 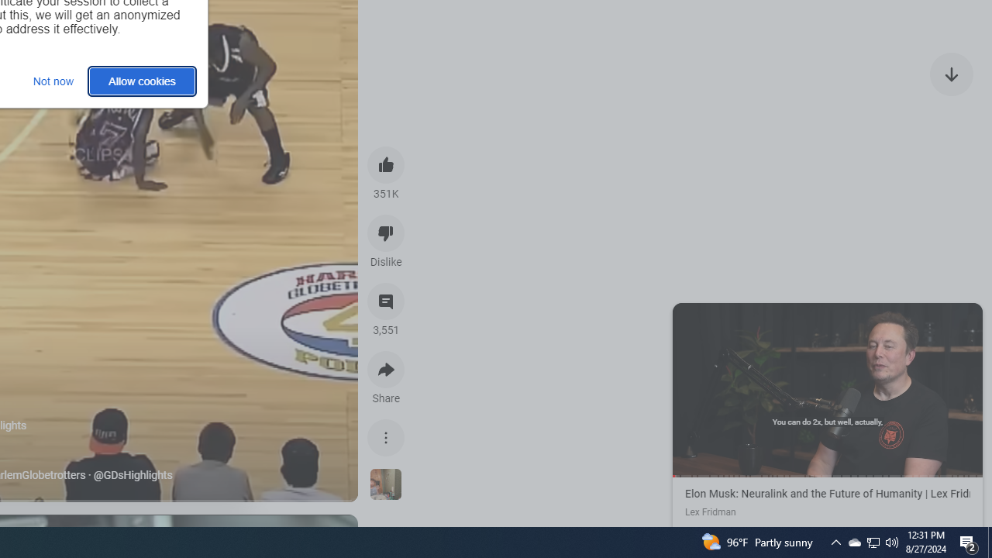 I want to click on 'Not now', so click(x=53, y=81).